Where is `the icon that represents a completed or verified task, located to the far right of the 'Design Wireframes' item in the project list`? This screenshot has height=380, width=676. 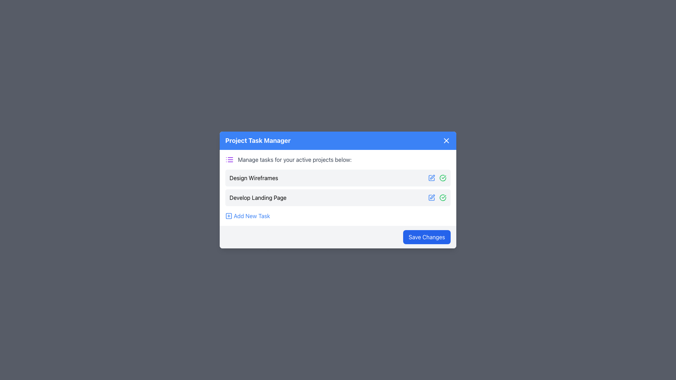 the icon that represents a completed or verified task, located to the far right of the 'Design Wireframes' item in the project list is located at coordinates (442, 198).